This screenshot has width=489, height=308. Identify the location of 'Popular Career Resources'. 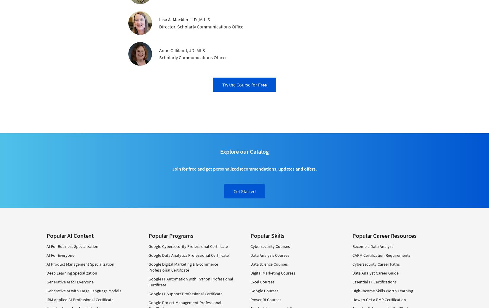
(384, 235).